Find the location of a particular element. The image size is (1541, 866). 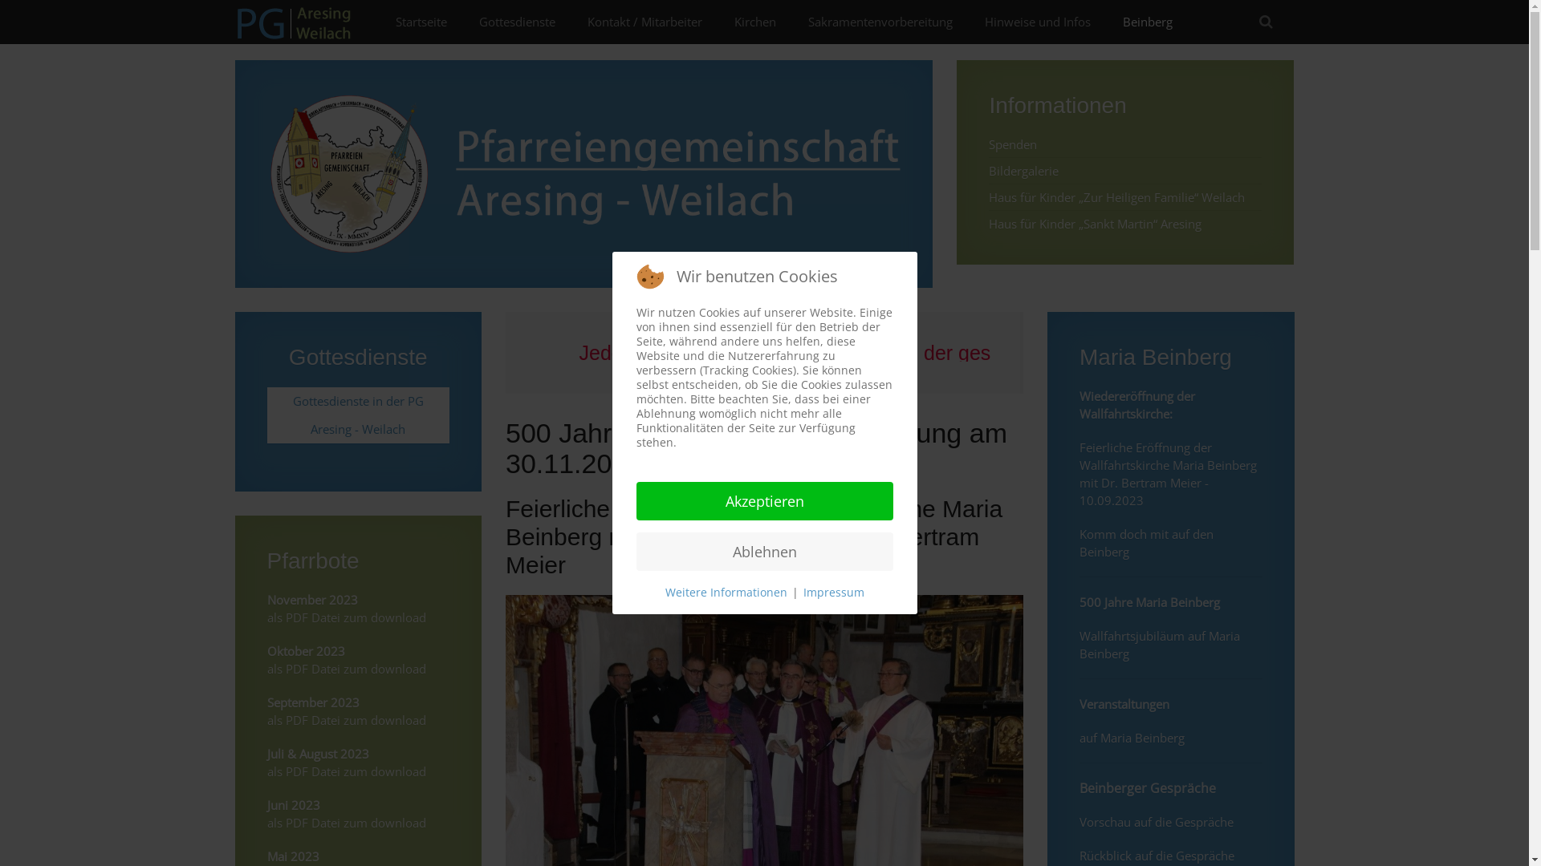

'Gottesdienste in der PG Aresing - Weilach' is located at coordinates (357, 413).